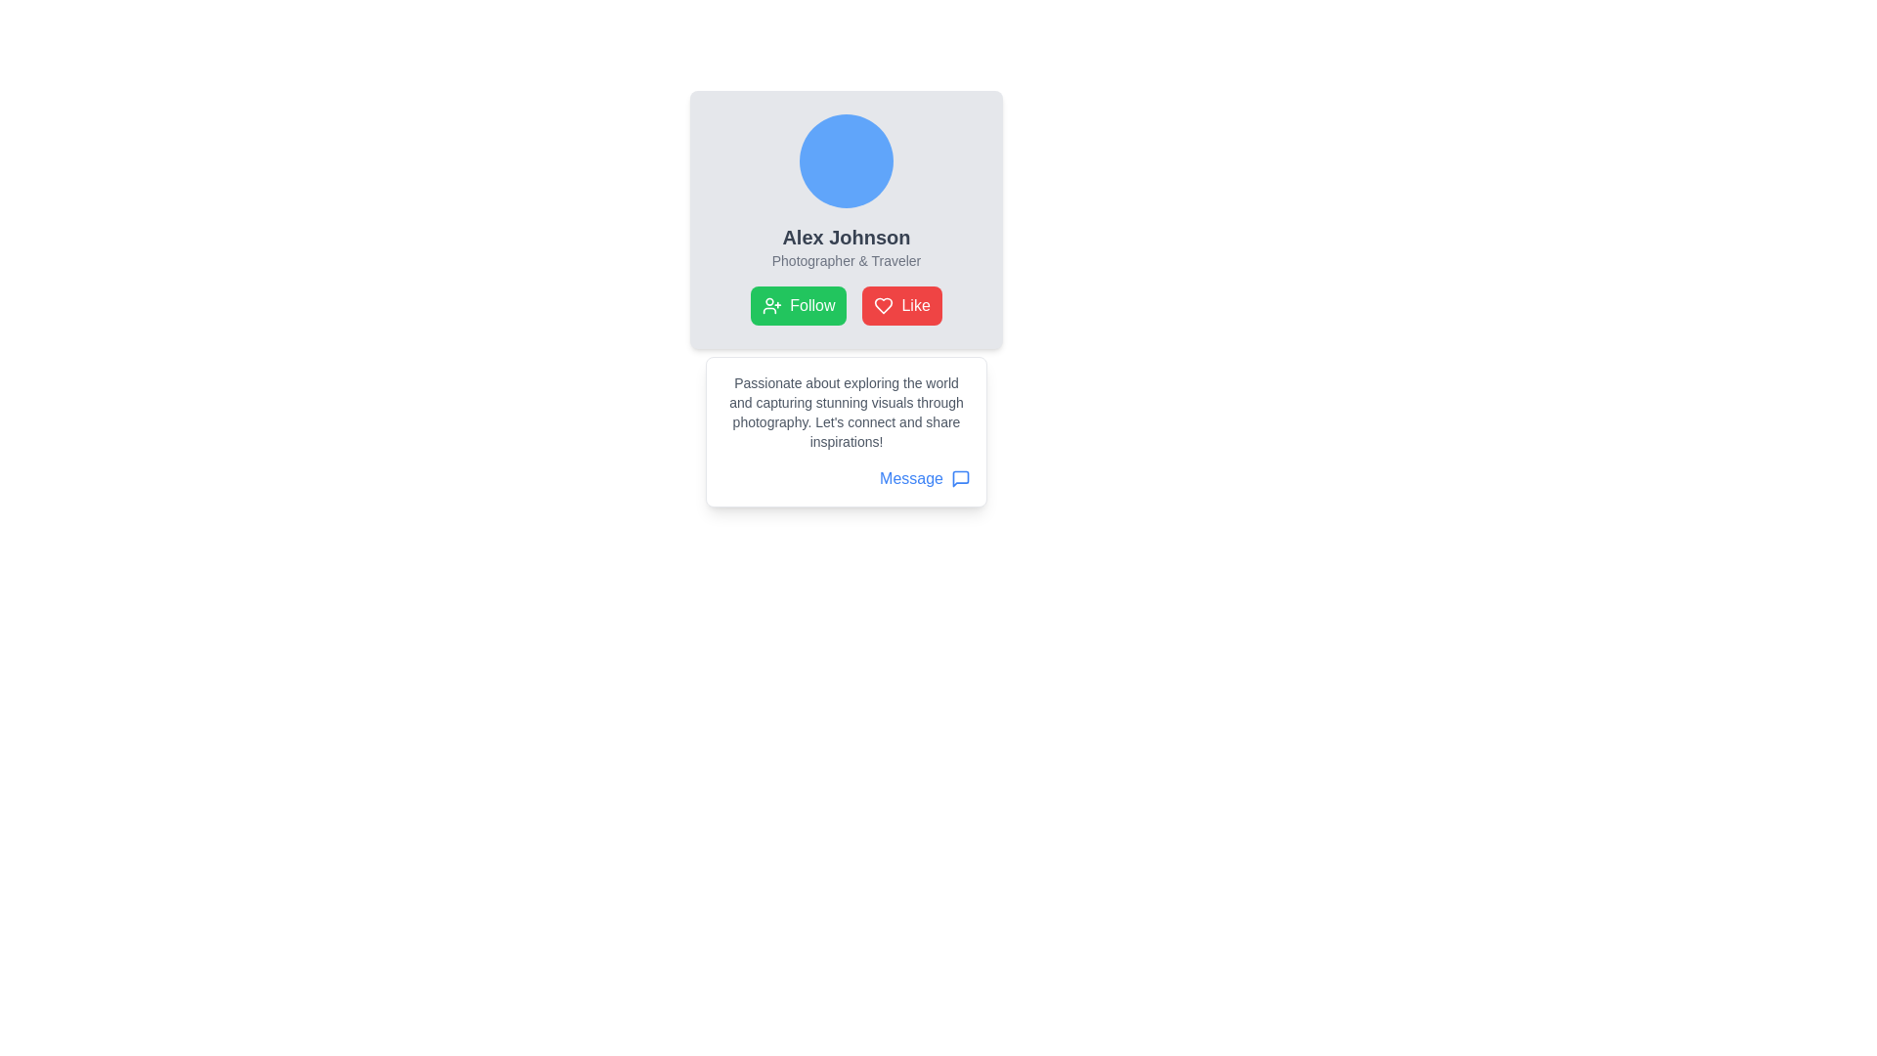 The width and height of the screenshot is (1877, 1056). I want to click on the speech bubble icon located next to the word 'Message' at the bottom-right corner of the message text box, so click(961, 478).